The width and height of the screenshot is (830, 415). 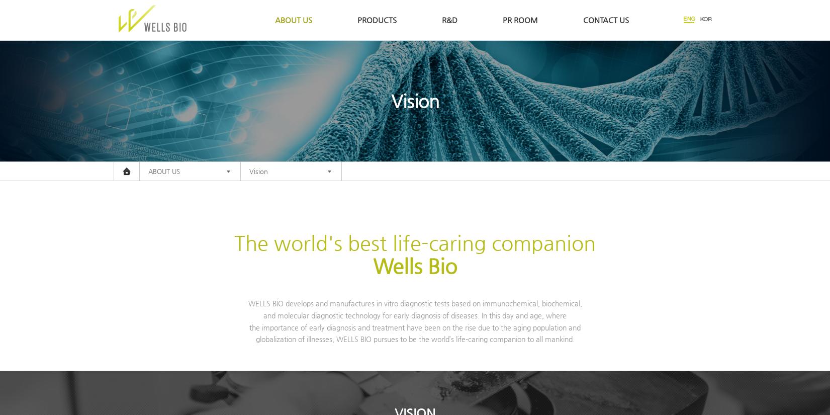 What do you see at coordinates (234, 243) in the screenshot?
I see `'The world's best life-caring companion'` at bounding box center [234, 243].